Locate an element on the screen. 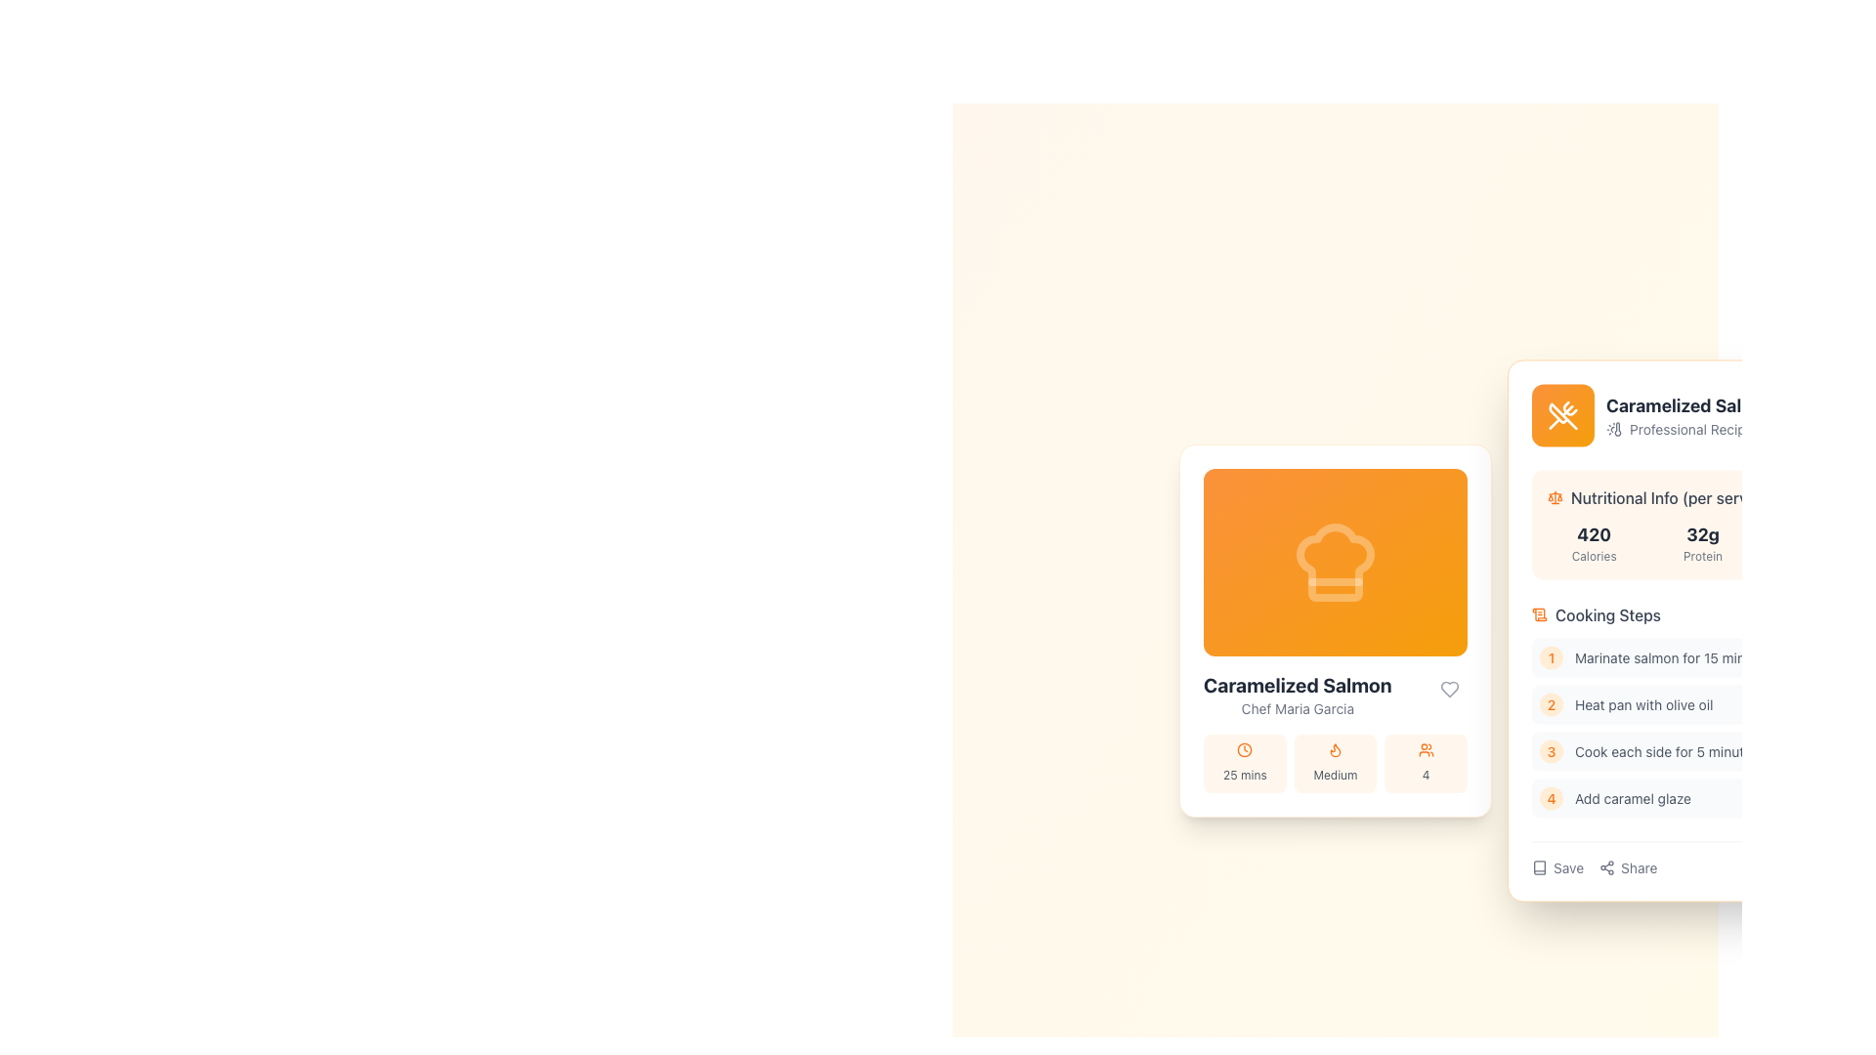 The height and width of the screenshot is (1055, 1876). the 'Nutritional Information' text label with an icon that indicates per-serving data, located below the 'Caramelized Salmon' title and above the nutritional breakdown is located at coordinates (1701, 496).